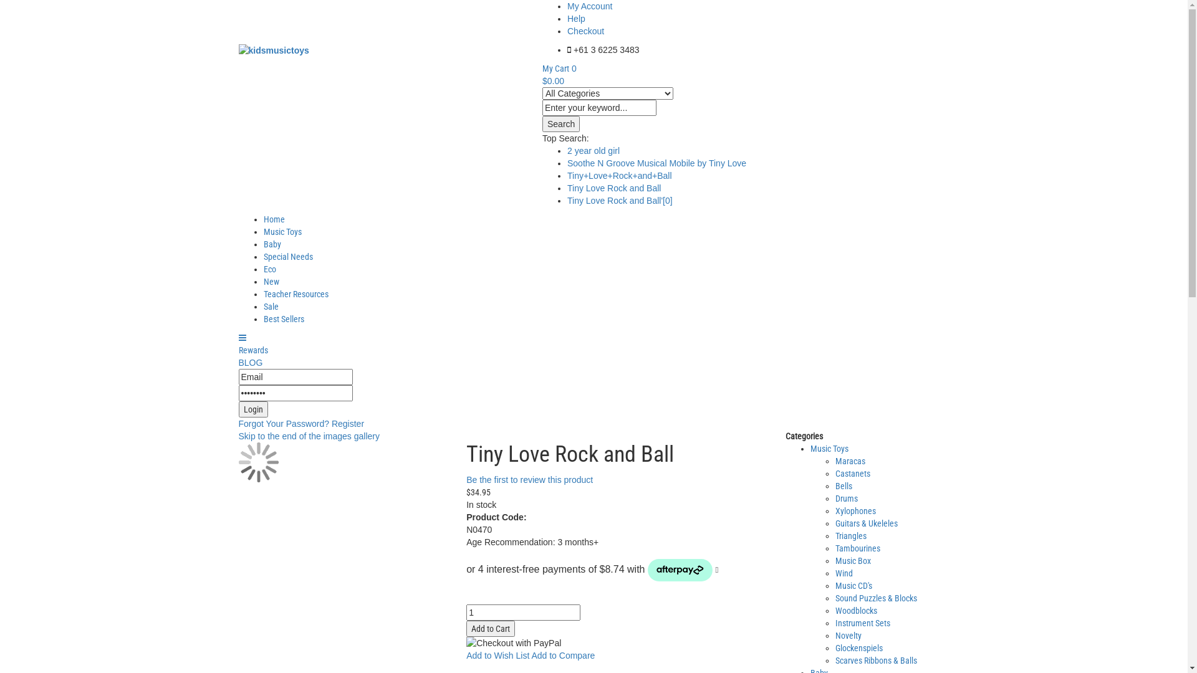 The height and width of the screenshot is (673, 1197). I want to click on 'BLOG', so click(249, 363).